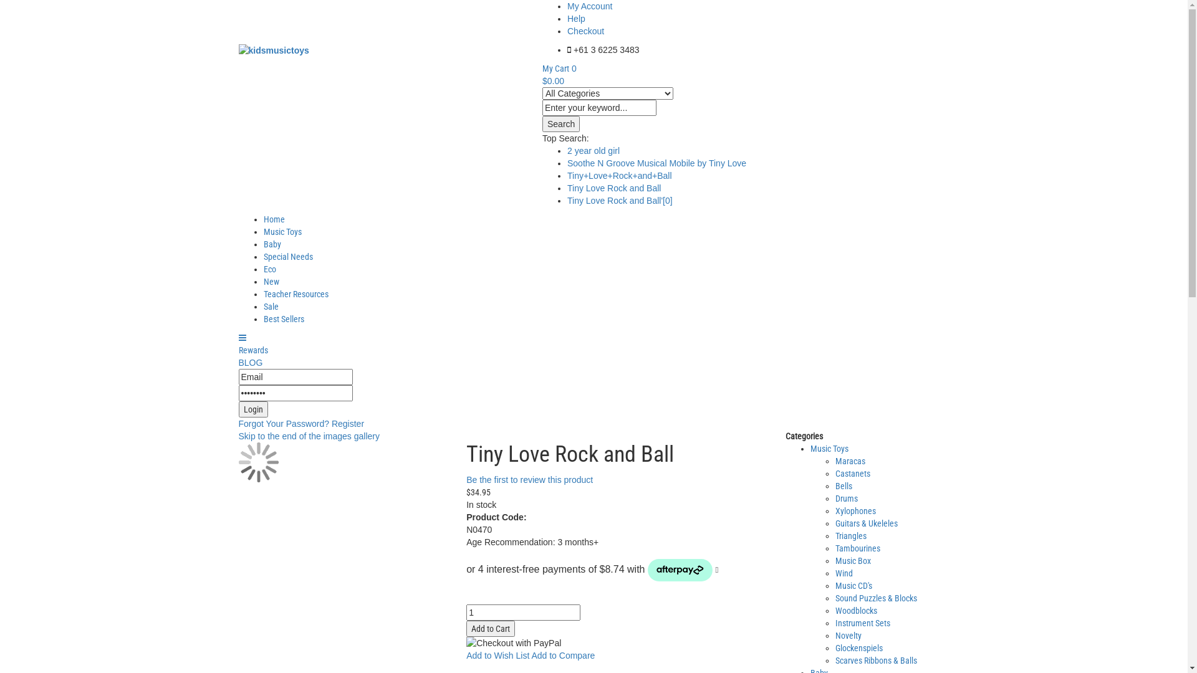 The height and width of the screenshot is (673, 1197). I want to click on 'BLOG', so click(249, 363).